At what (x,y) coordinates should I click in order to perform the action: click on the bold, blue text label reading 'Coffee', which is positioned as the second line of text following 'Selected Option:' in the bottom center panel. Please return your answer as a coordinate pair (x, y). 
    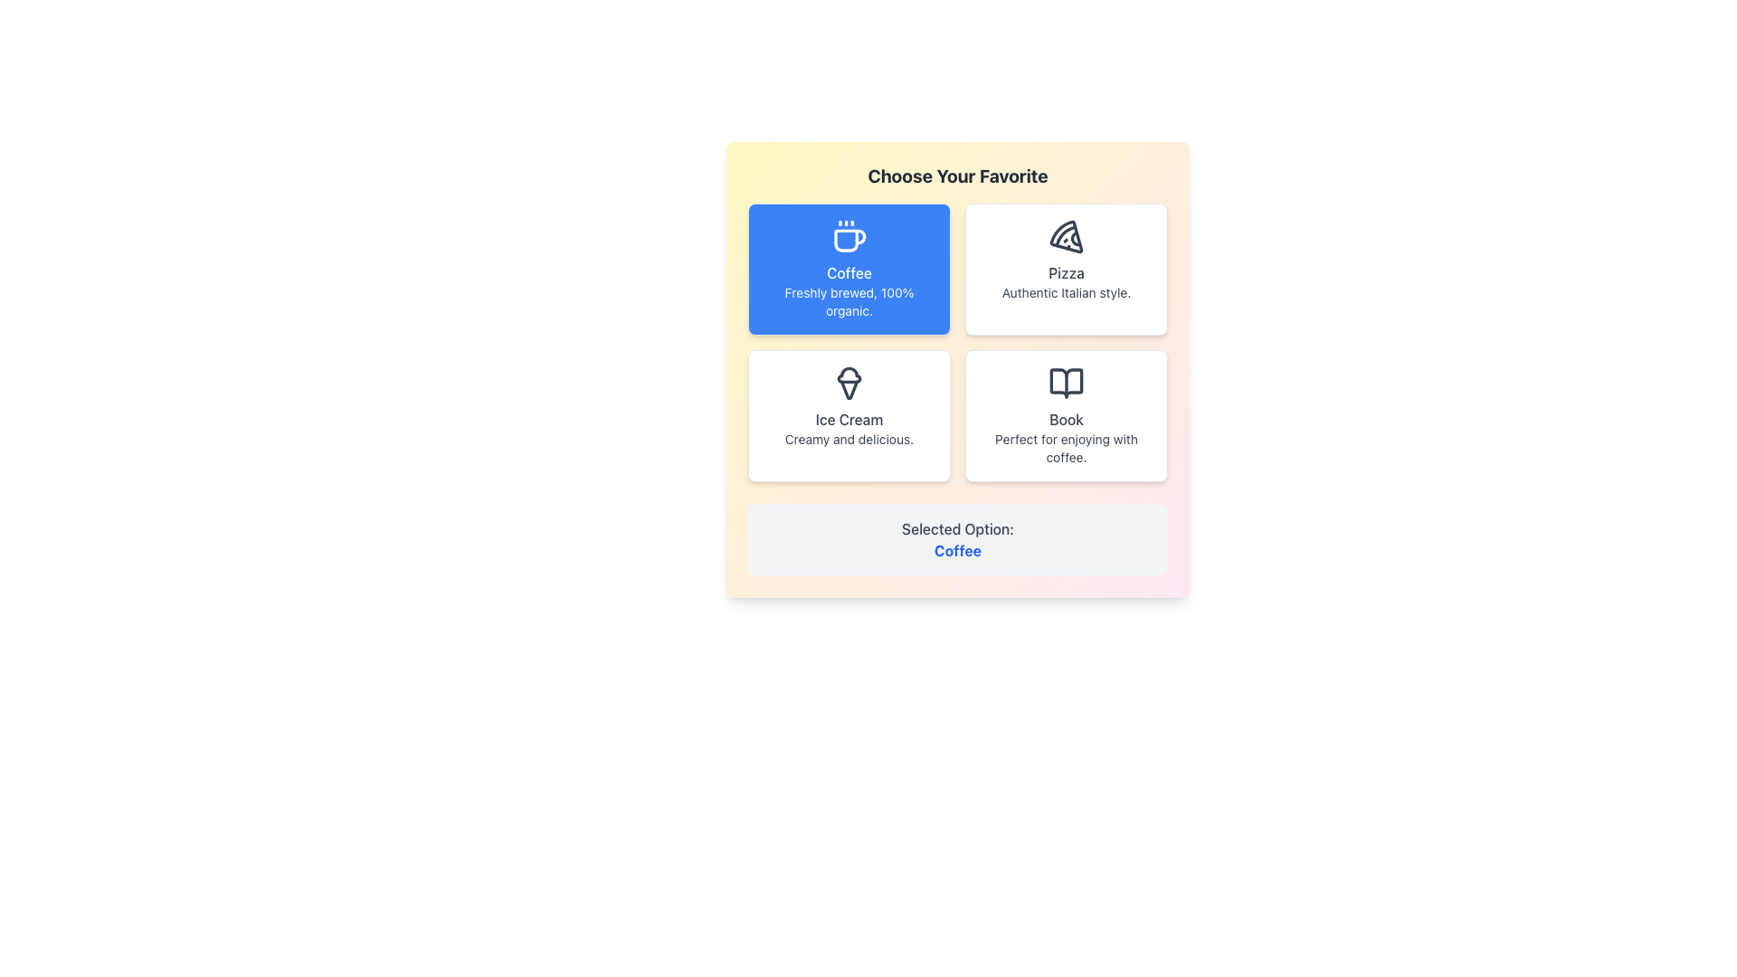
    Looking at the image, I should click on (957, 550).